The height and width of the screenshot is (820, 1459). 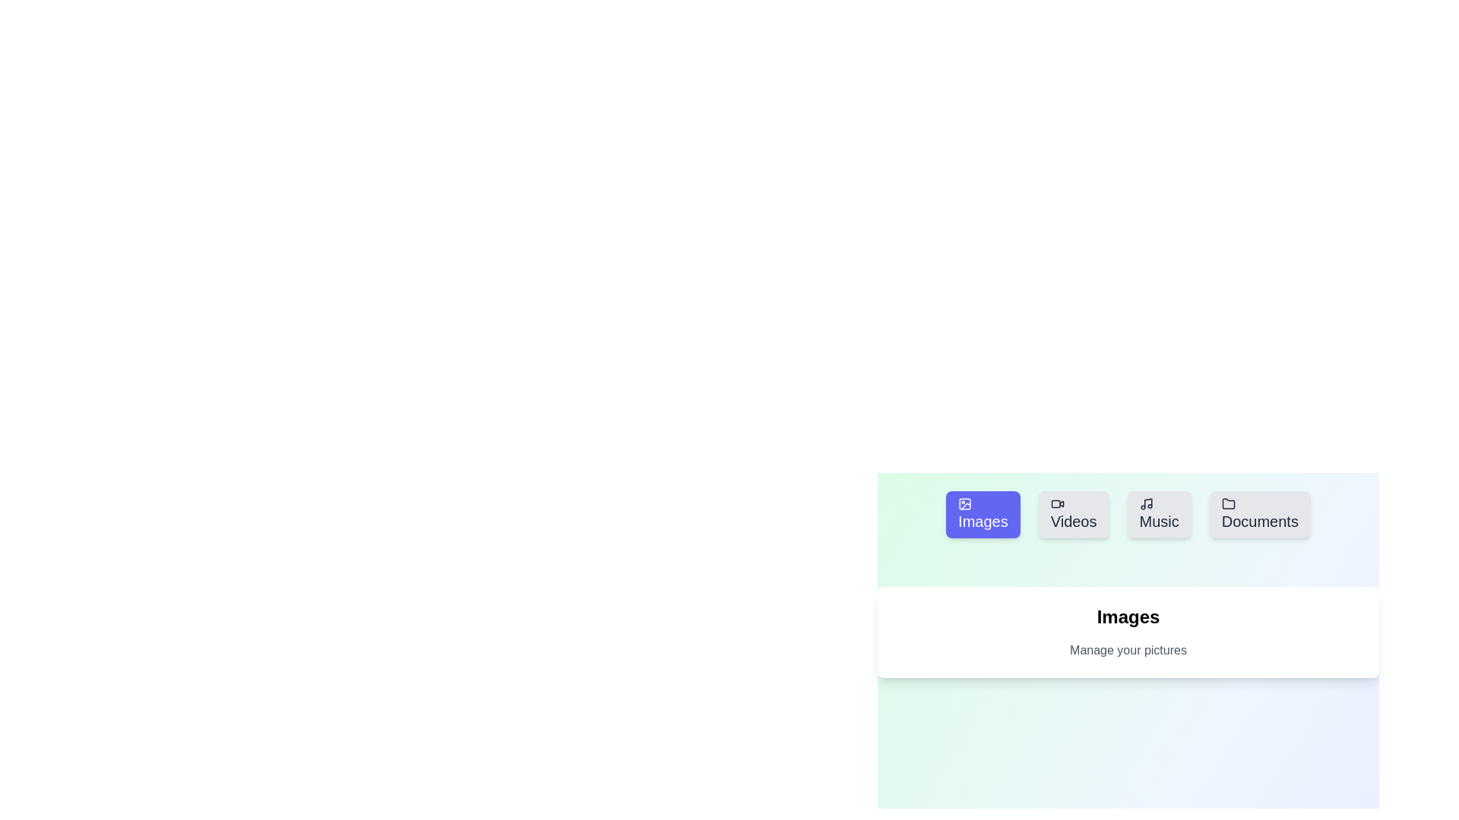 What do you see at coordinates (1260, 514) in the screenshot?
I see `the Documents tab to view its content` at bounding box center [1260, 514].